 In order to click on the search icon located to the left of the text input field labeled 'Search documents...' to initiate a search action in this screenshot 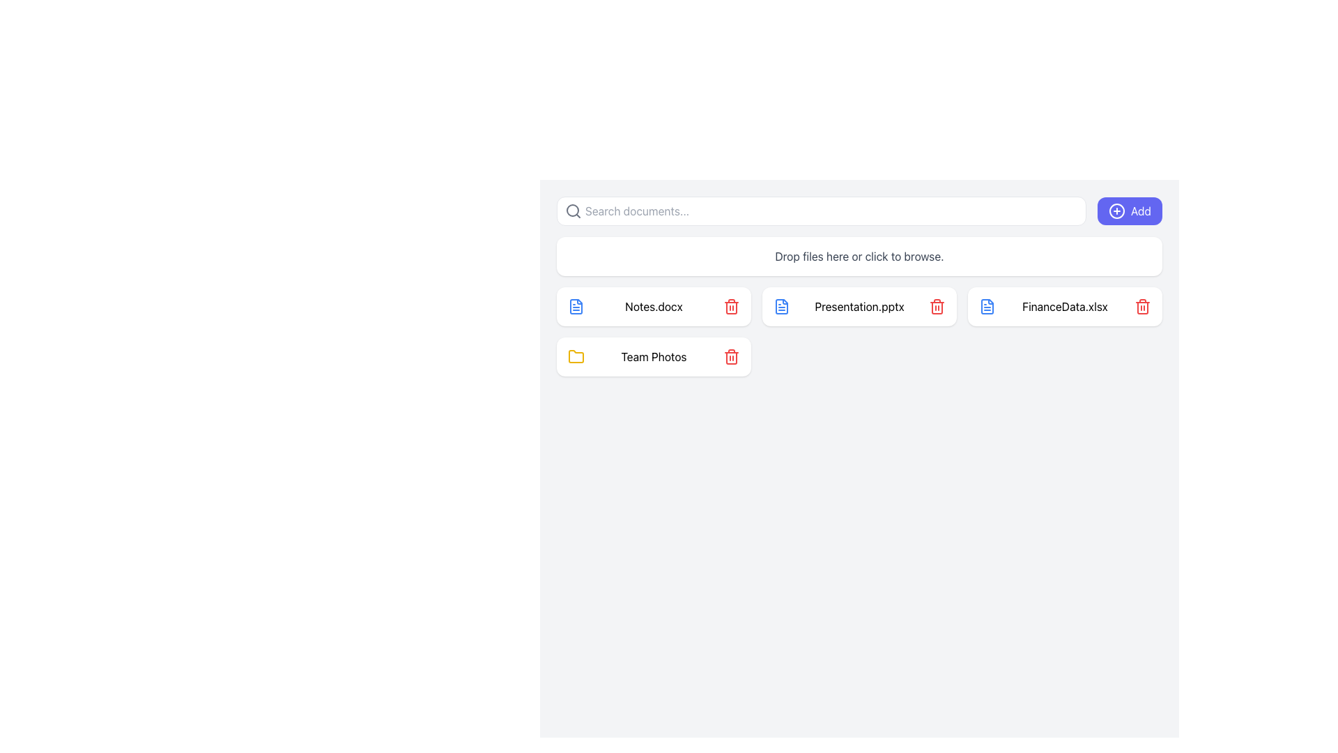, I will do `click(573, 211)`.